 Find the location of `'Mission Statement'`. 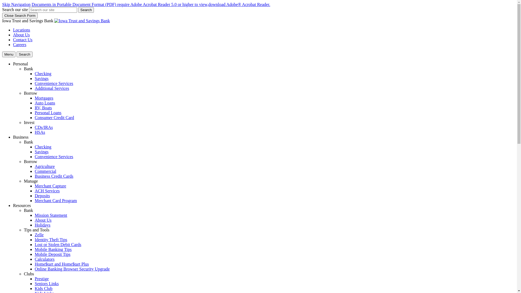

'Mission Statement' is located at coordinates (51, 215).